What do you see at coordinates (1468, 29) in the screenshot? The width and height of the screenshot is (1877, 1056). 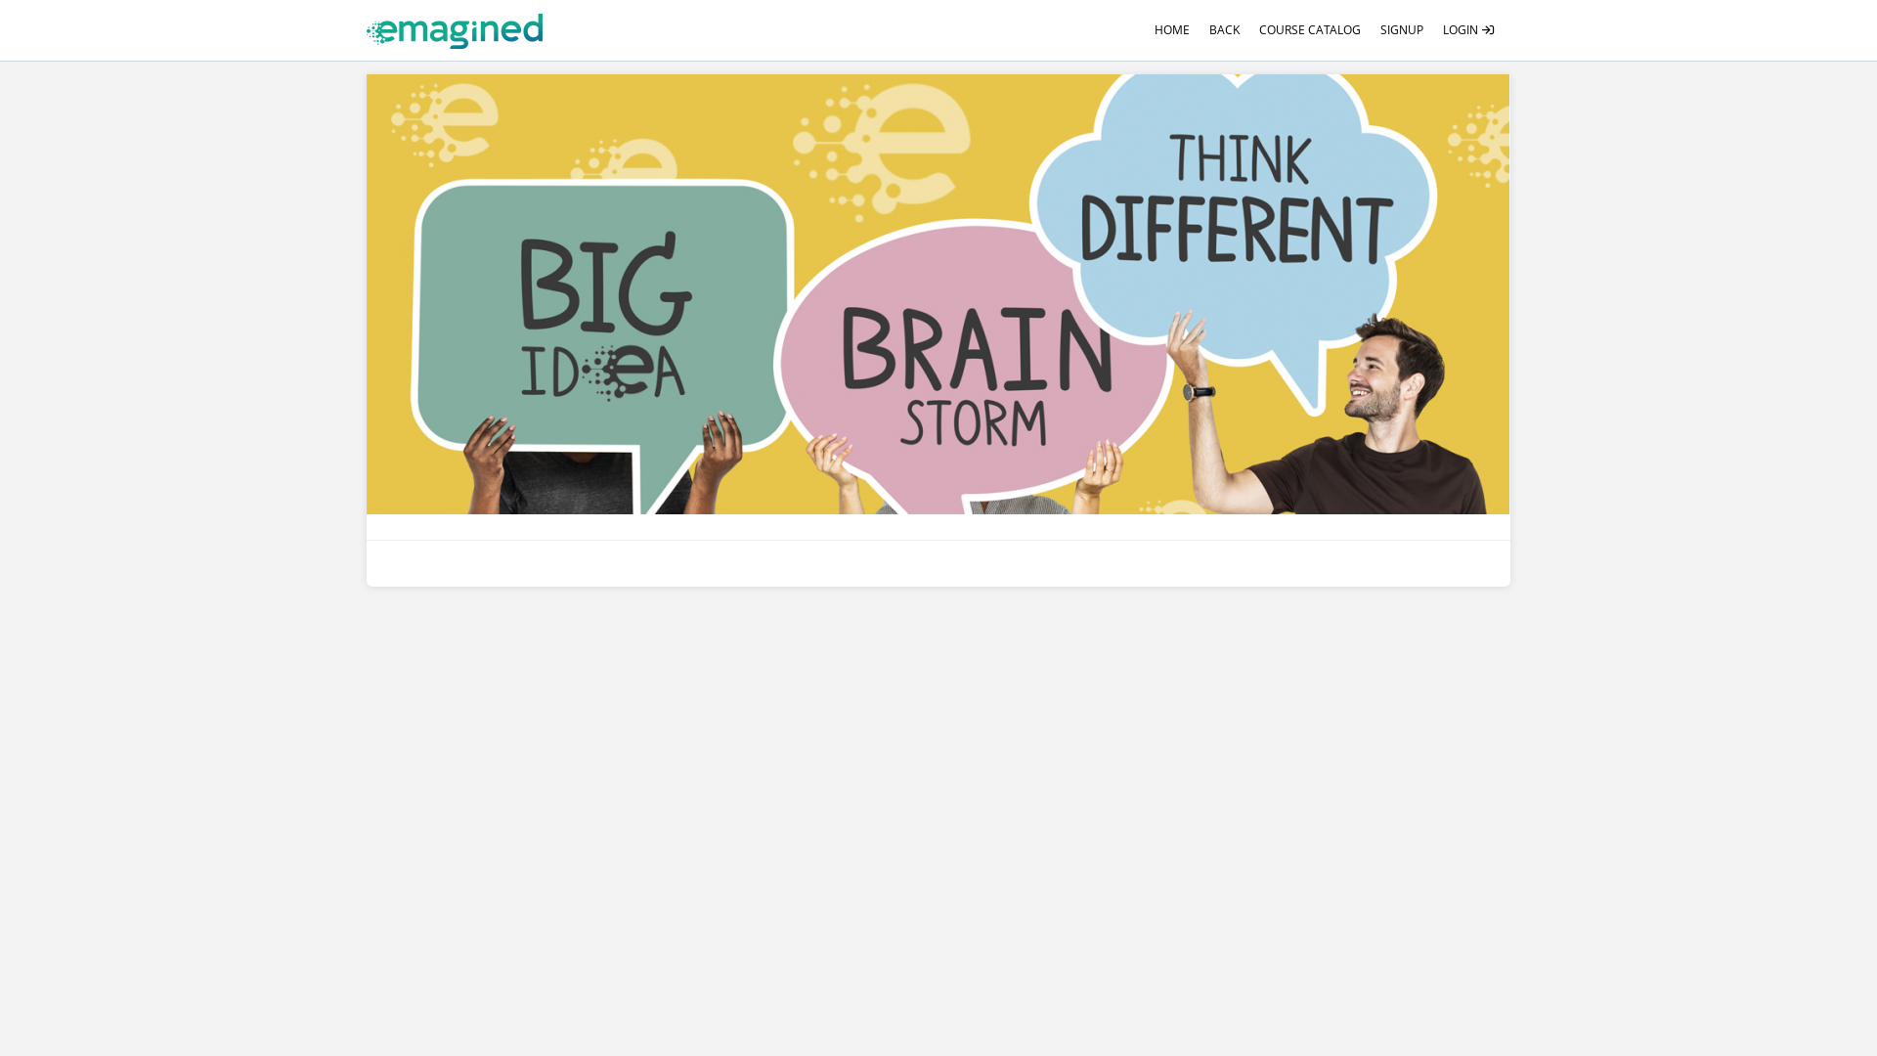 I see `'LOGIN '` at bounding box center [1468, 29].